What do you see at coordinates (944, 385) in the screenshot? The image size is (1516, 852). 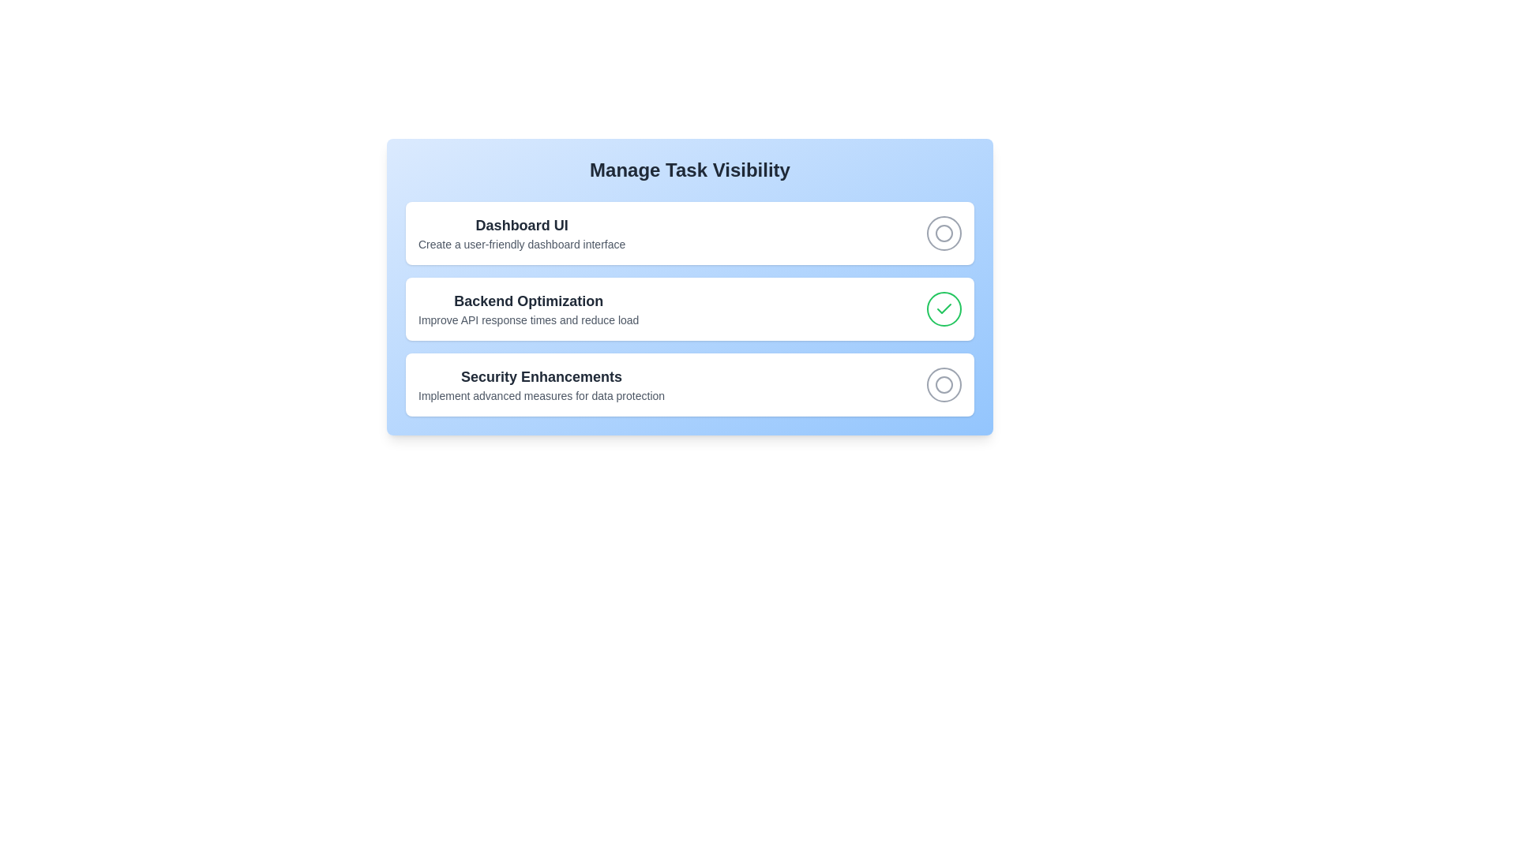 I see `the button located at the far-right side of the 'Security Enhancements' list item` at bounding box center [944, 385].